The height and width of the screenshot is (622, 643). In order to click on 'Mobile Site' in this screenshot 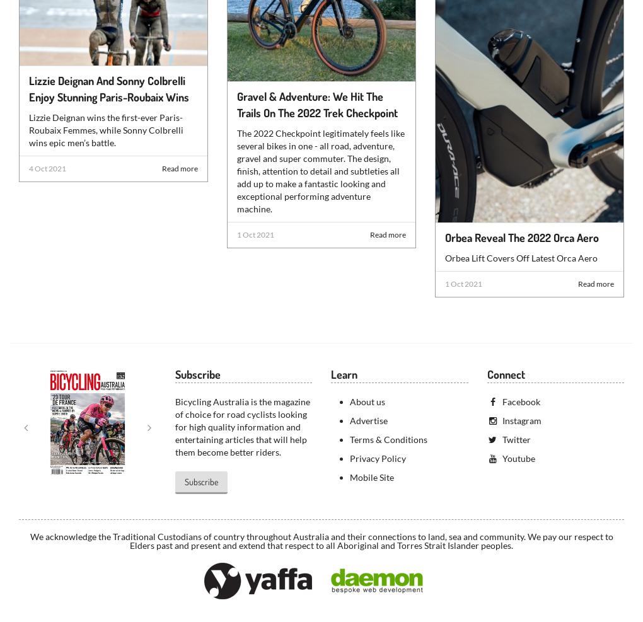, I will do `click(371, 476)`.